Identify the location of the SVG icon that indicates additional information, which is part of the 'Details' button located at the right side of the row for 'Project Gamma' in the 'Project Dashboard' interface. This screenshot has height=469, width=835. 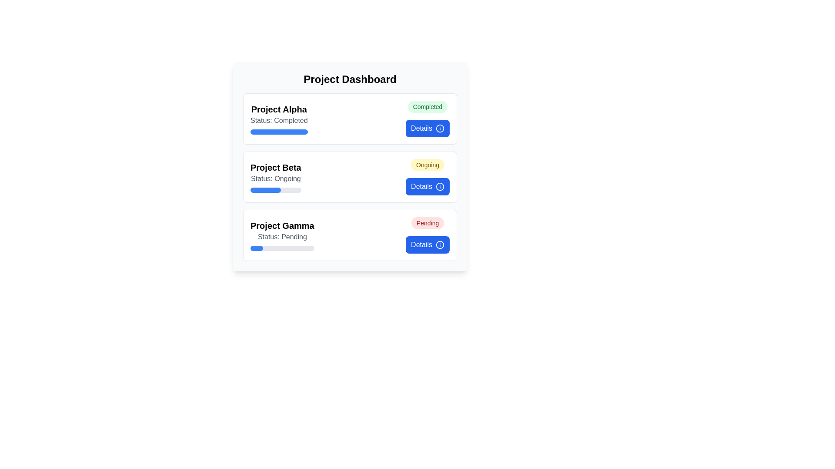
(440, 244).